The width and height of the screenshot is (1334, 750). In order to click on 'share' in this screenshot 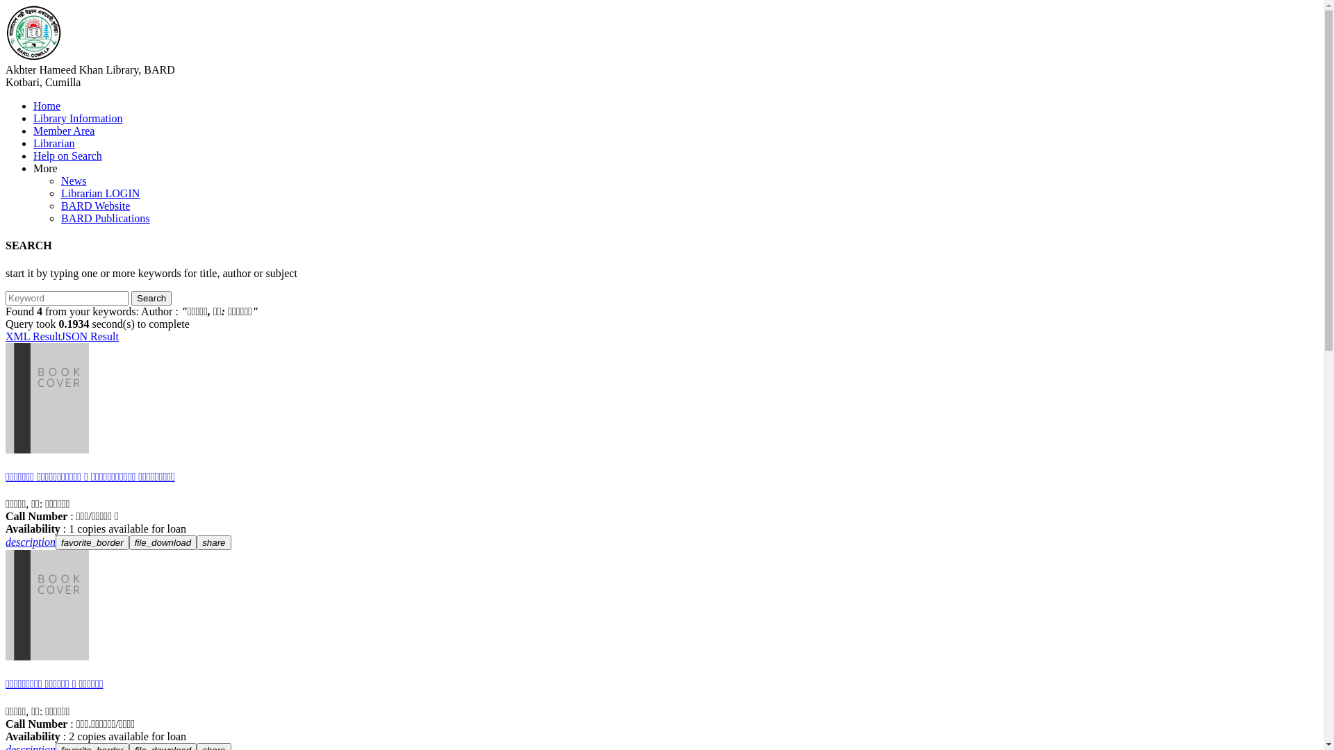, I will do `click(213, 542)`.